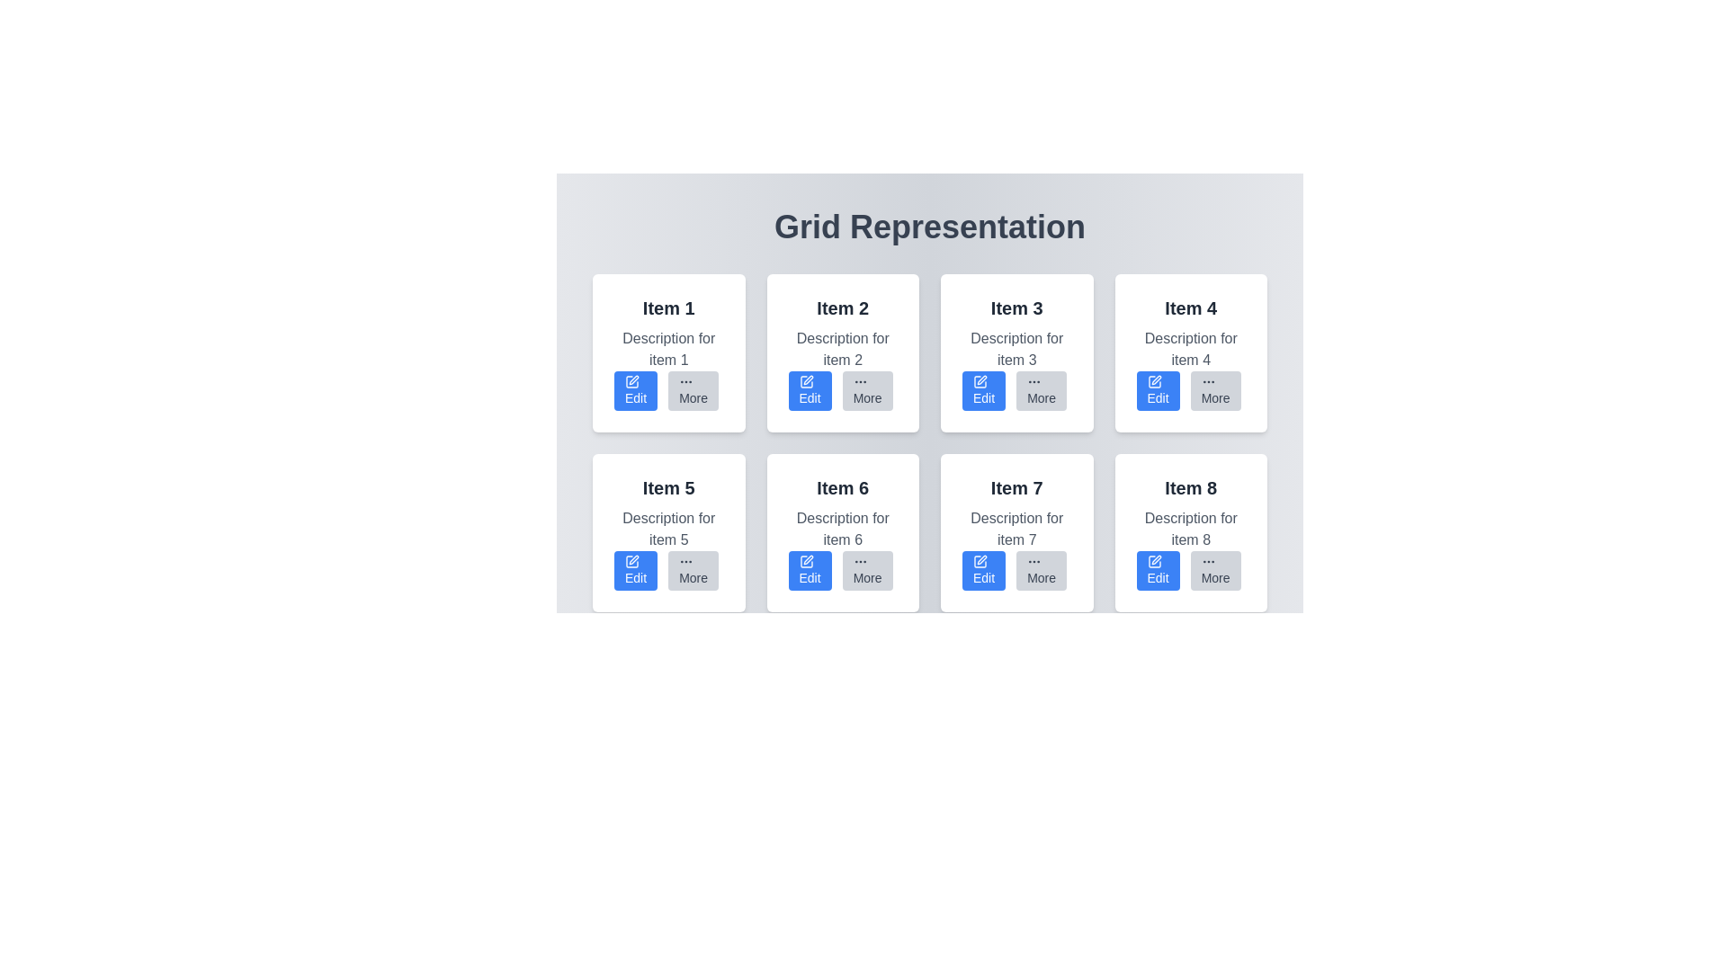  I want to click on the buttons in the Button Group located in the bottom action section of the fourth card labeled 'Item 4', so click(1191, 390).